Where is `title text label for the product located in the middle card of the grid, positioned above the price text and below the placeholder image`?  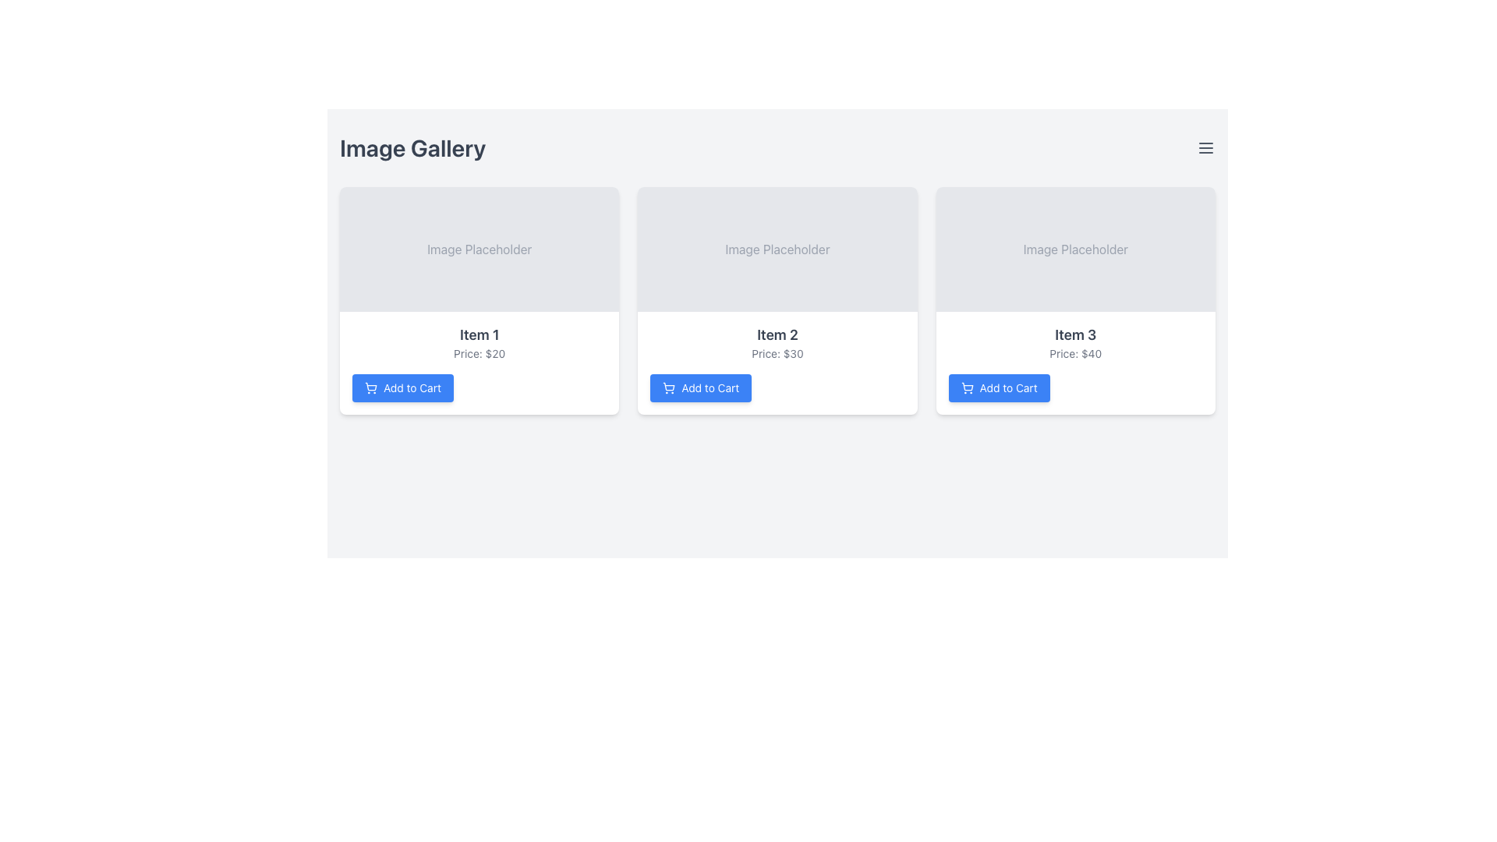 title text label for the product located in the middle card of the grid, positioned above the price text and below the placeholder image is located at coordinates (777, 334).